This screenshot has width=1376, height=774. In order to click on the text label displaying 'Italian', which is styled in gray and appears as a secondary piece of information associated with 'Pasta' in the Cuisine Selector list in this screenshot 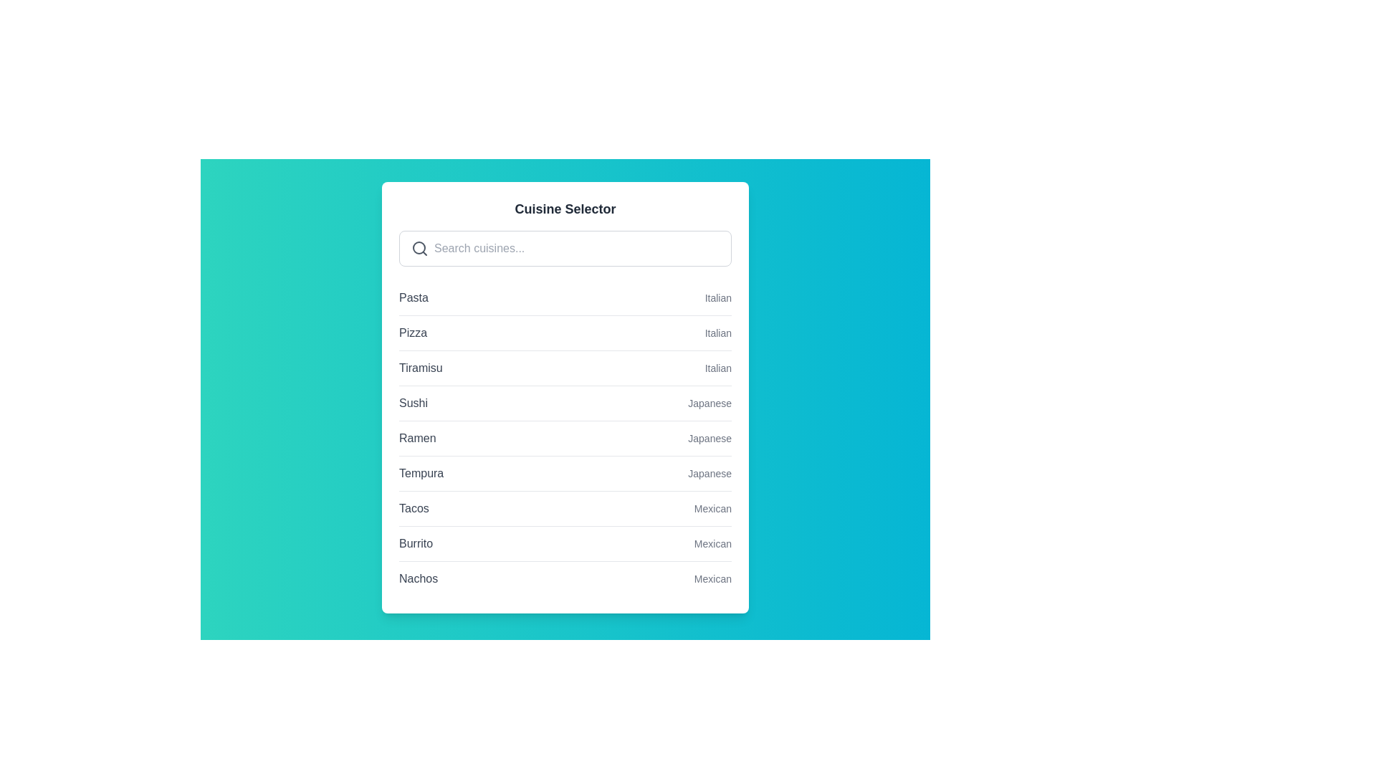, I will do `click(718, 297)`.